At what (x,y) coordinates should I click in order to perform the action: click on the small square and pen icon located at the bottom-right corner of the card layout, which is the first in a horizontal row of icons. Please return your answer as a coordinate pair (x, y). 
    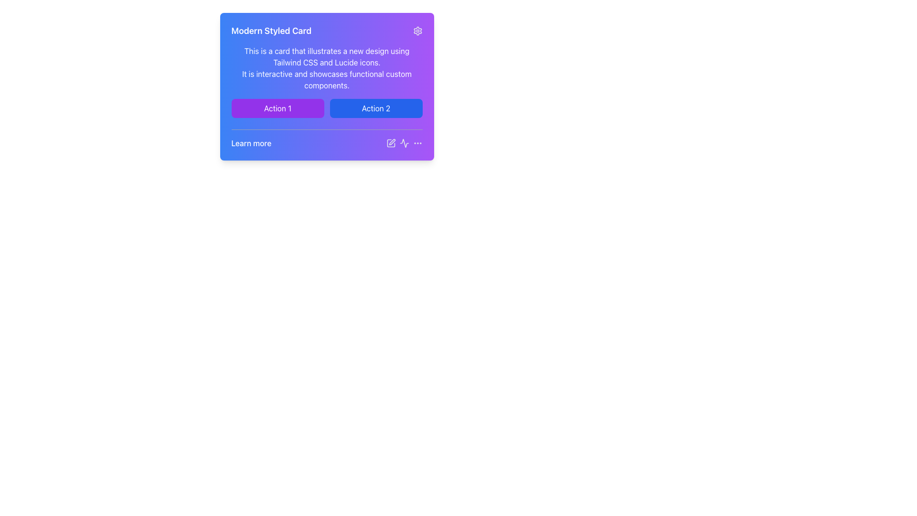
    Looking at the image, I should click on (391, 143).